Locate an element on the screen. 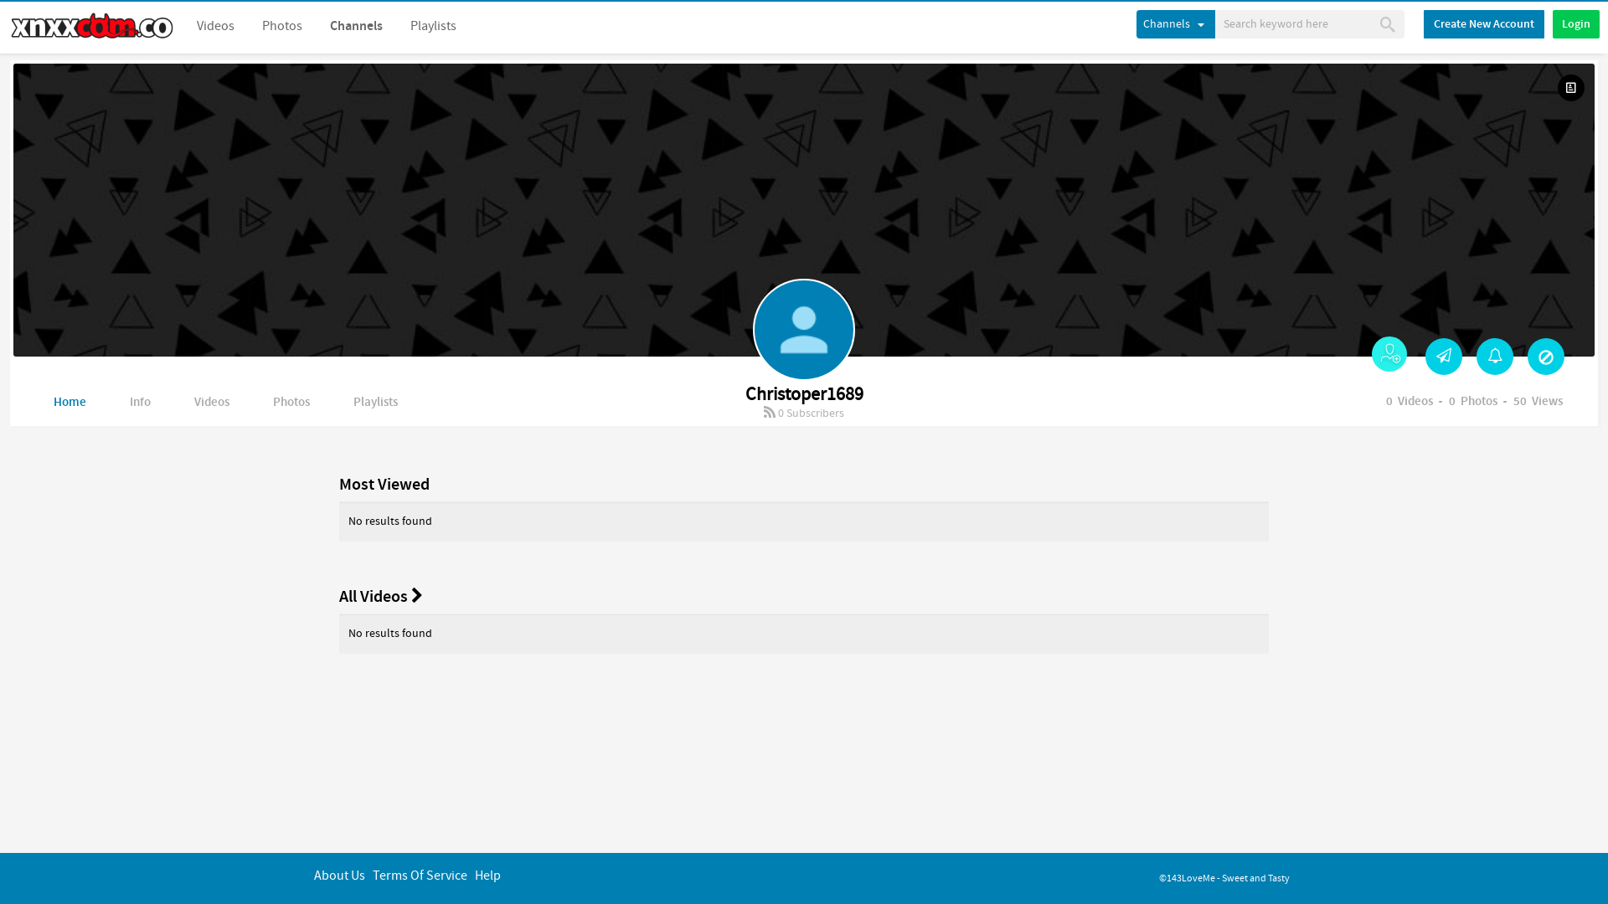 This screenshot has height=904, width=1608. 'All Videos' is located at coordinates (380, 595).